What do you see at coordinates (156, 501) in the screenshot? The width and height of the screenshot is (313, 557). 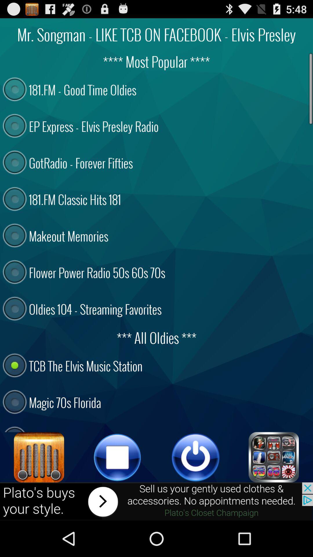 I see `open advertisement` at bounding box center [156, 501].